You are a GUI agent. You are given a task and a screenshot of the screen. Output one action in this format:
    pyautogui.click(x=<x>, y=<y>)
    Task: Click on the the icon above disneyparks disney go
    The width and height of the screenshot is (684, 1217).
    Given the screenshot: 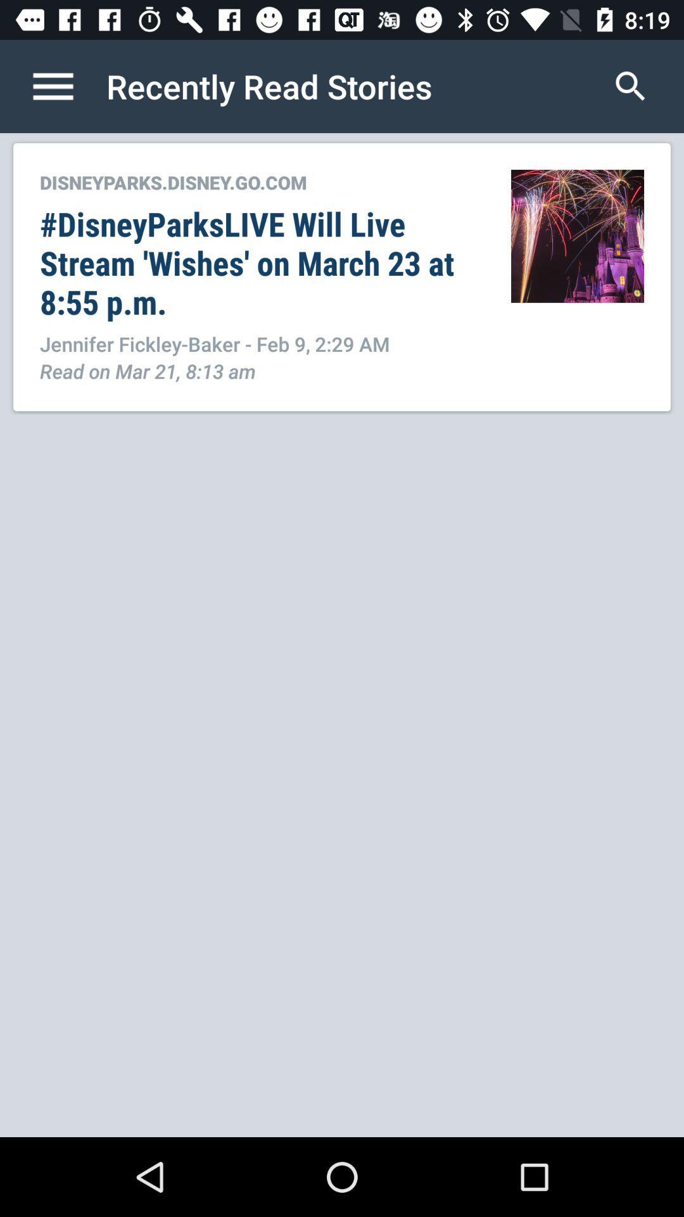 What is the action you would take?
    pyautogui.click(x=66, y=86)
    